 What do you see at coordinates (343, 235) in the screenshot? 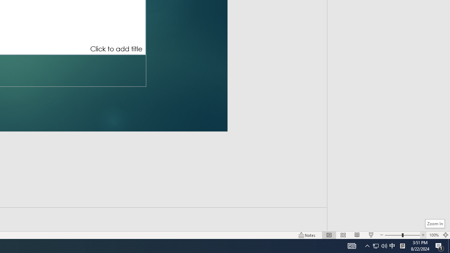
I see `'Slide Sorter'` at bounding box center [343, 235].